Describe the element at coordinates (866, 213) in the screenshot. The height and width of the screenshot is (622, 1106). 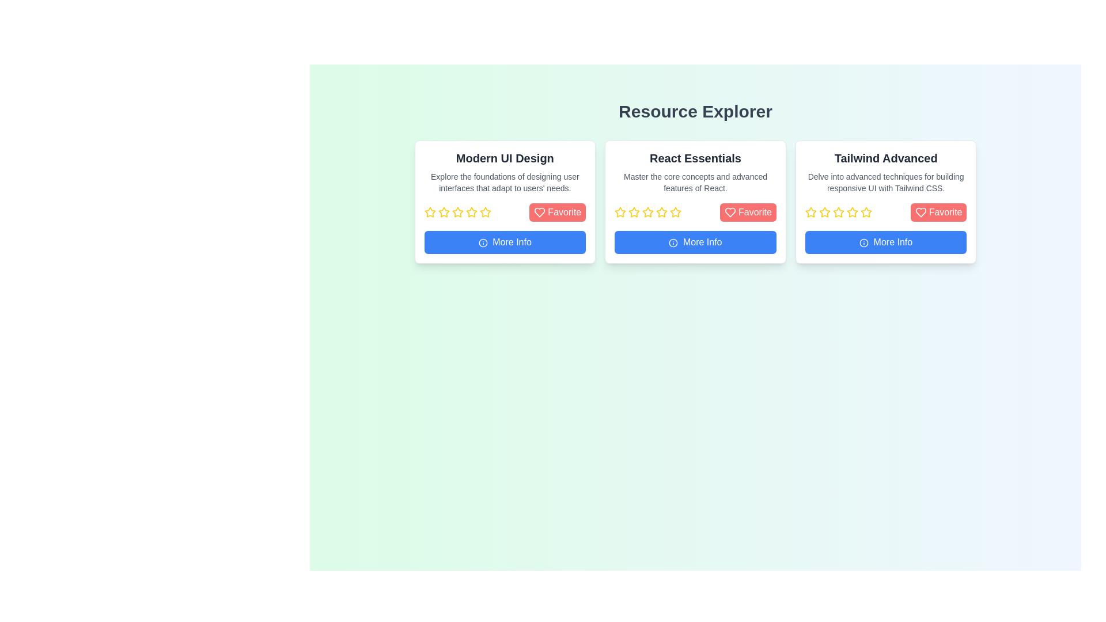
I see `the fifth star icon in the 'Tailwind Advanced' section to provide a rating` at that location.